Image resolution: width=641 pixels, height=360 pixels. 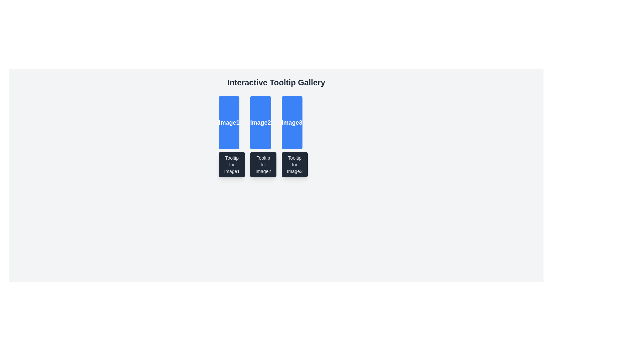 I want to click on the text contents of the tooltip positioned directly below the 'Image3' item, which is the third tooltip in a set of horizontally aligned tooltips, so click(x=294, y=164).